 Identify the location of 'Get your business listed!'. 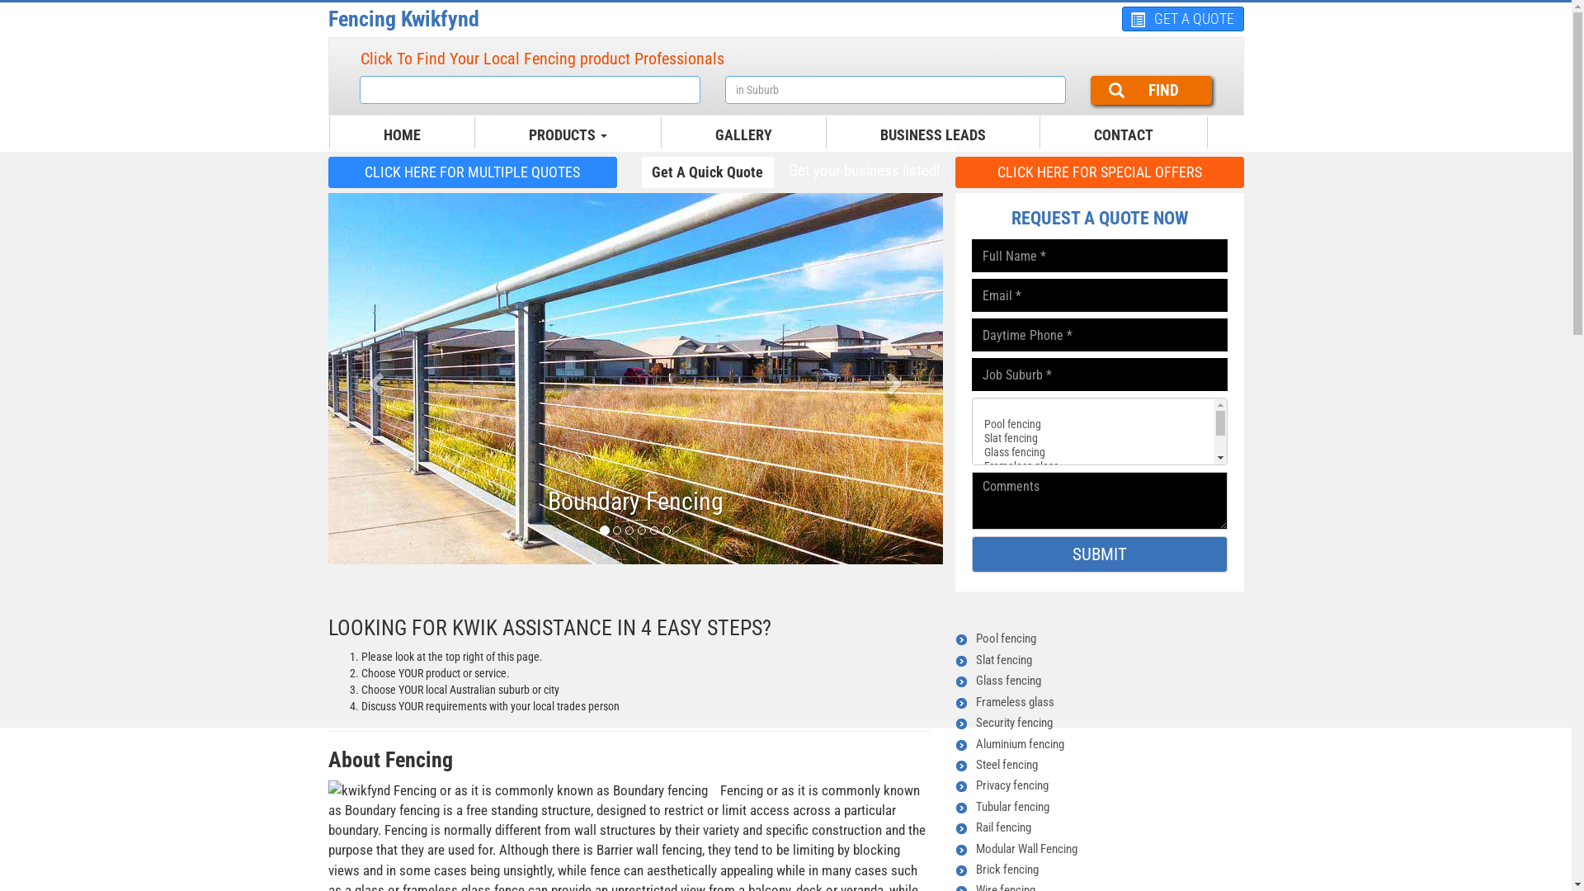
(784, 171).